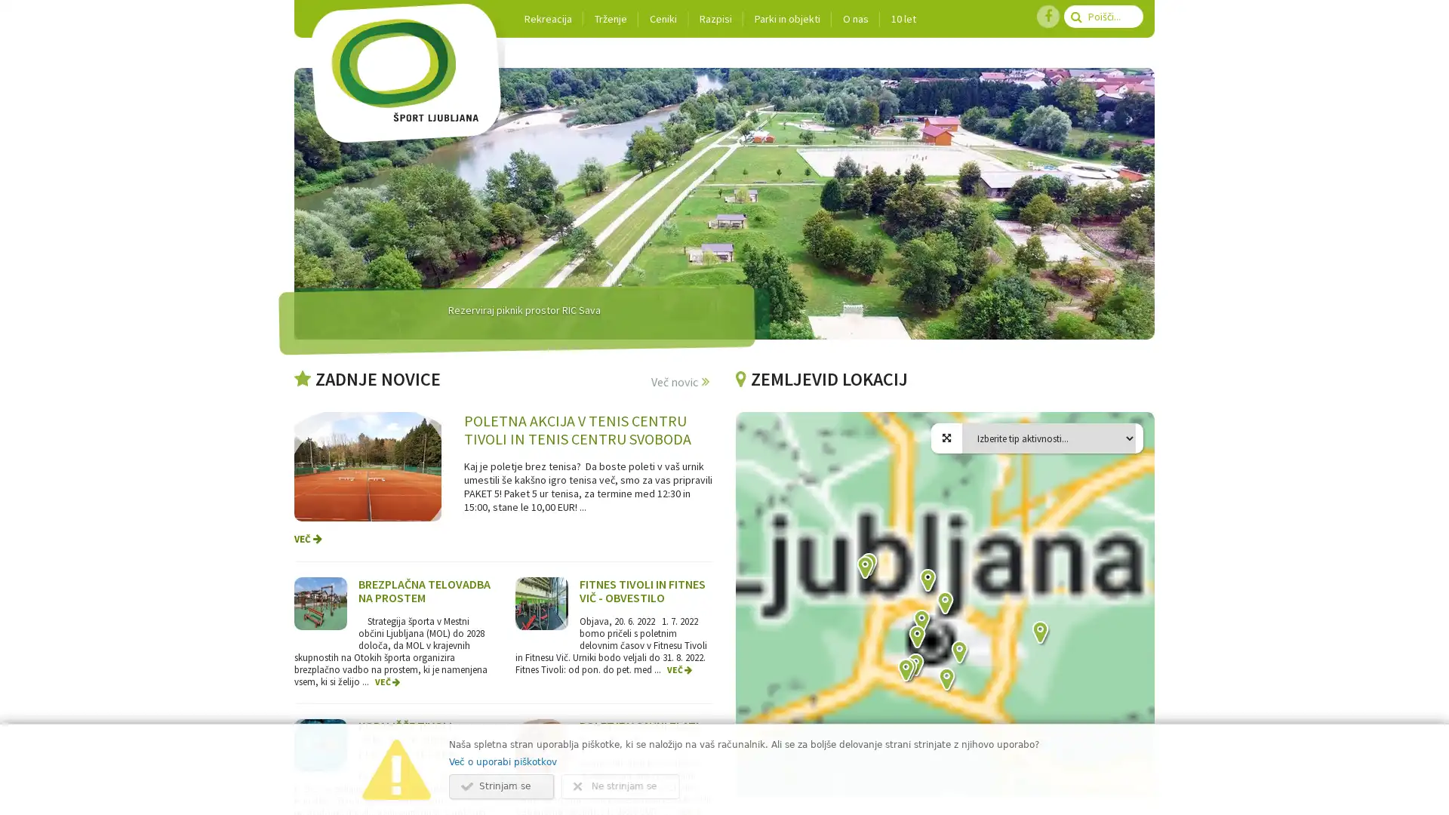  Describe the element at coordinates (943, 604) in the screenshot. I see `Kako do nas?` at that location.